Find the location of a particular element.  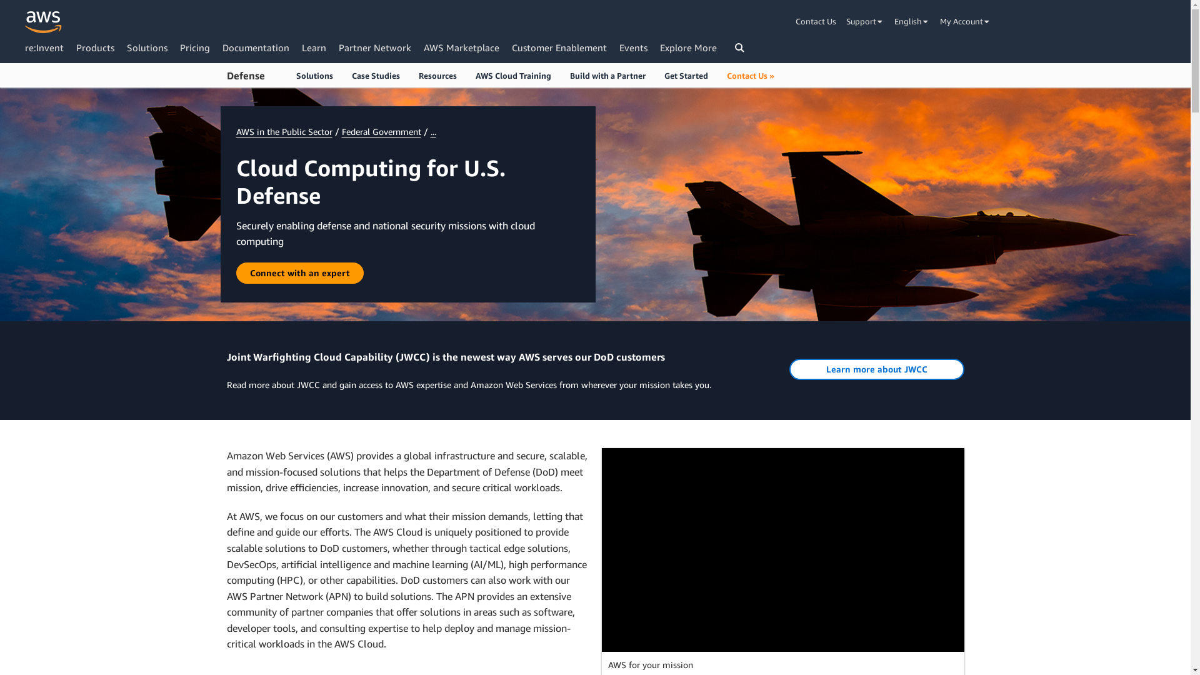

'English ' is located at coordinates (912, 21).